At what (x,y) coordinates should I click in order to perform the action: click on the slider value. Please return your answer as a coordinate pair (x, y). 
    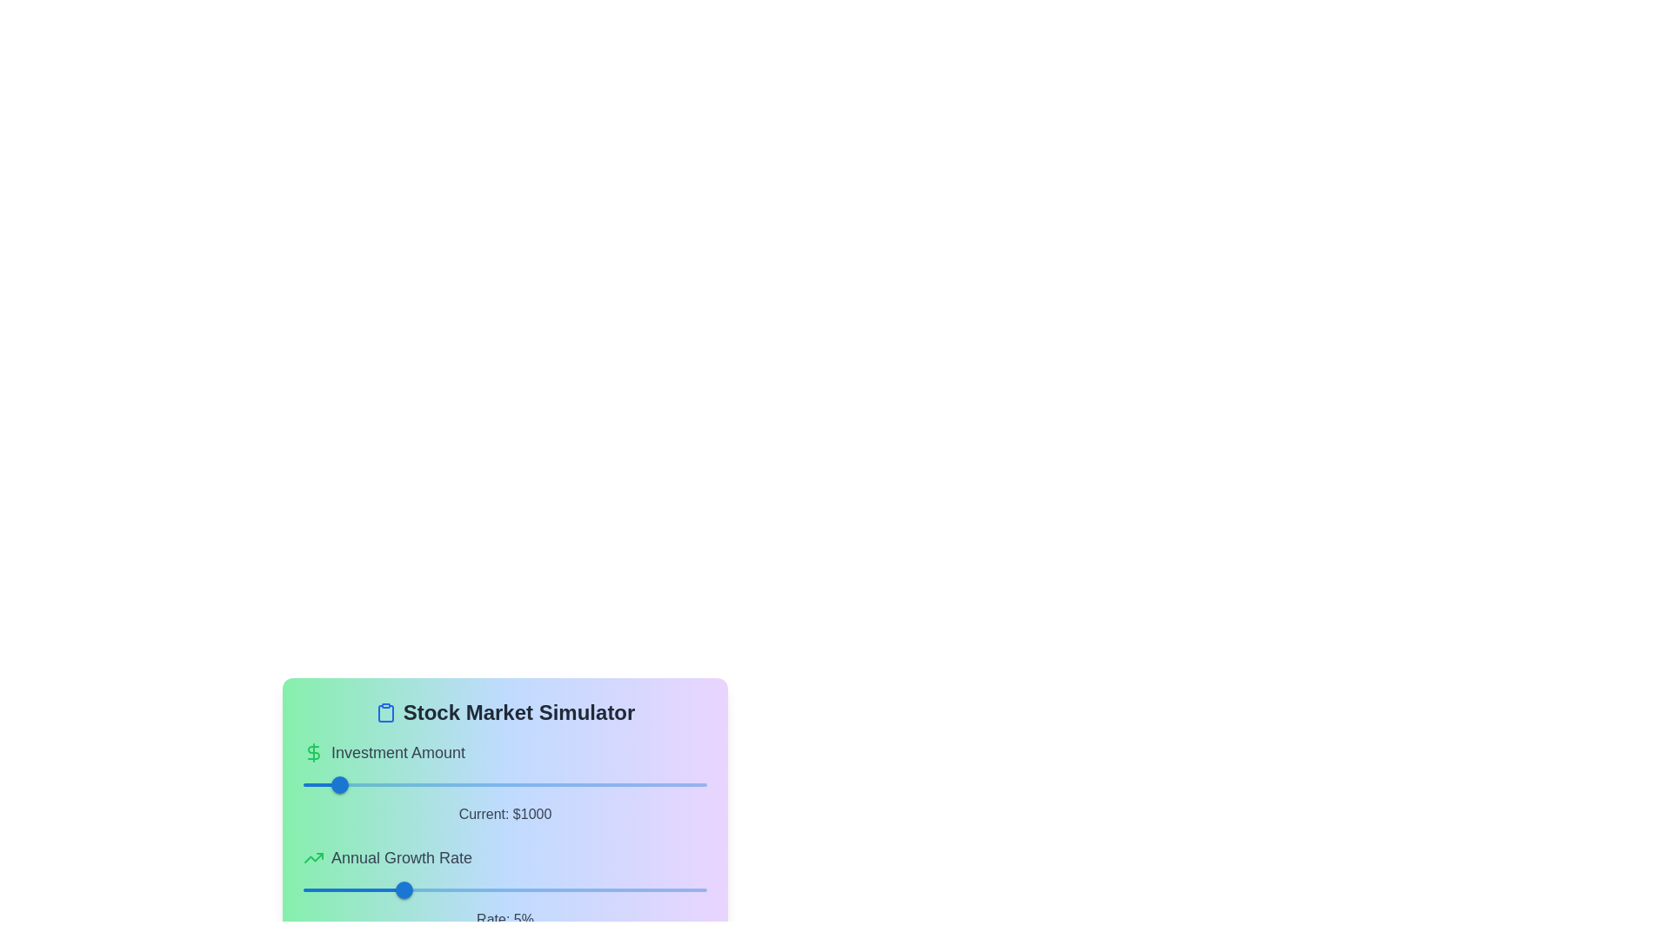
    Looking at the image, I should click on (404, 889).